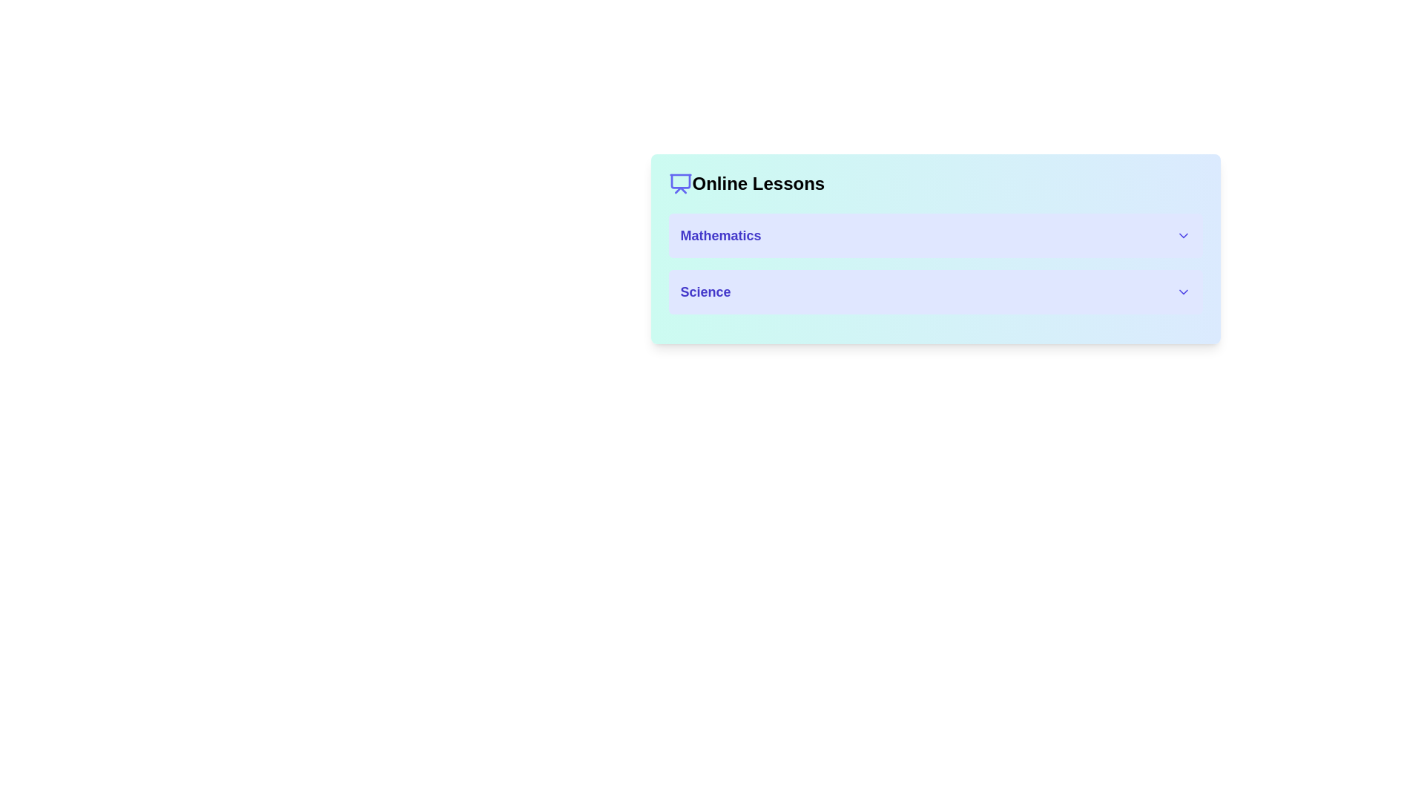 The image size is (1424, 801). Describe the element at coordinates (1182, 291) in the screenshot. I see `the small downward-pointing chevron icon in vibrant indigo color located at the right edge of the 'Science' button` at that location.